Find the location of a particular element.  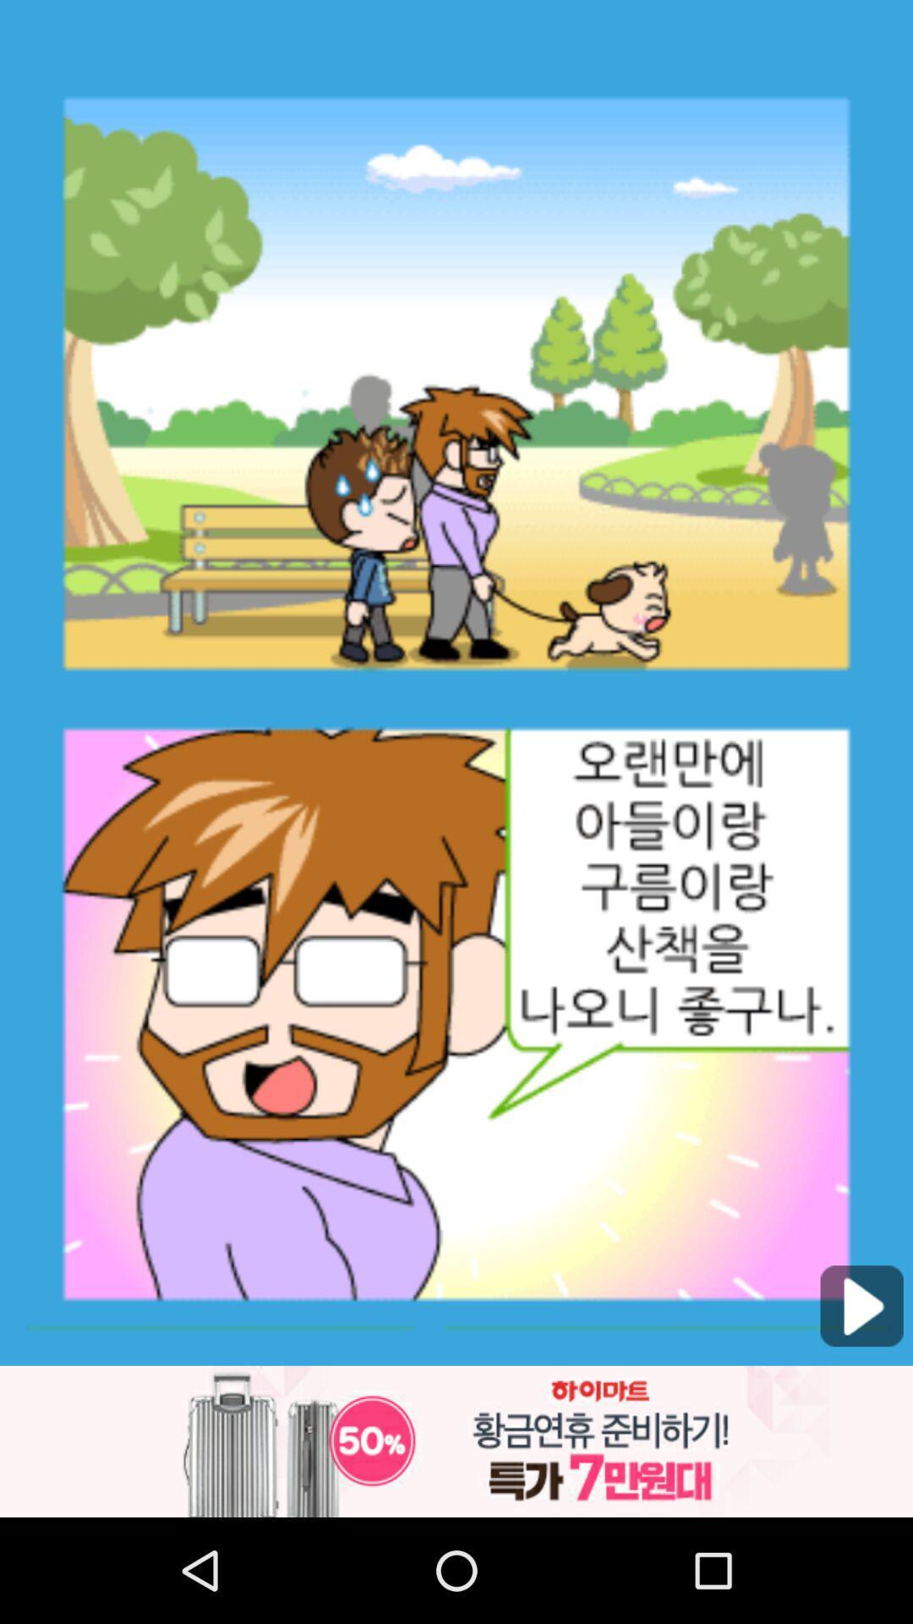

next button is located at coordinates (861, 1305).